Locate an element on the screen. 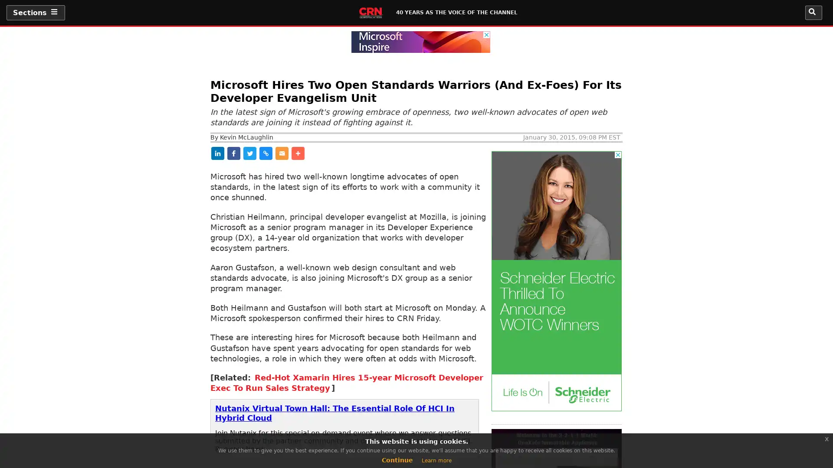 The image size is (833, 468). Share to Twitter Twitter is located at coordinates (319, 153).